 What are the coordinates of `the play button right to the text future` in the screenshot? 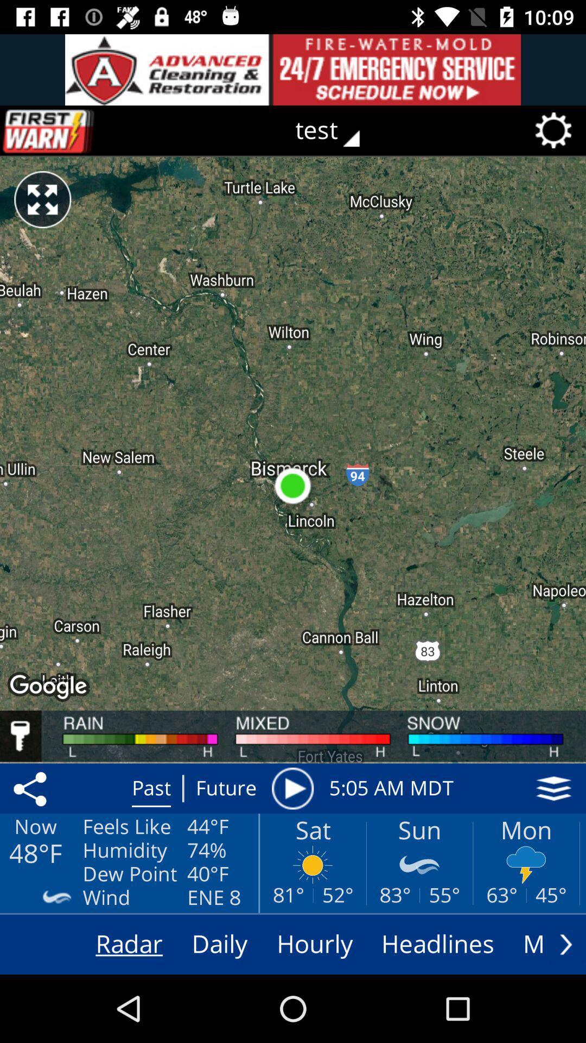 It's located at (293, 788).